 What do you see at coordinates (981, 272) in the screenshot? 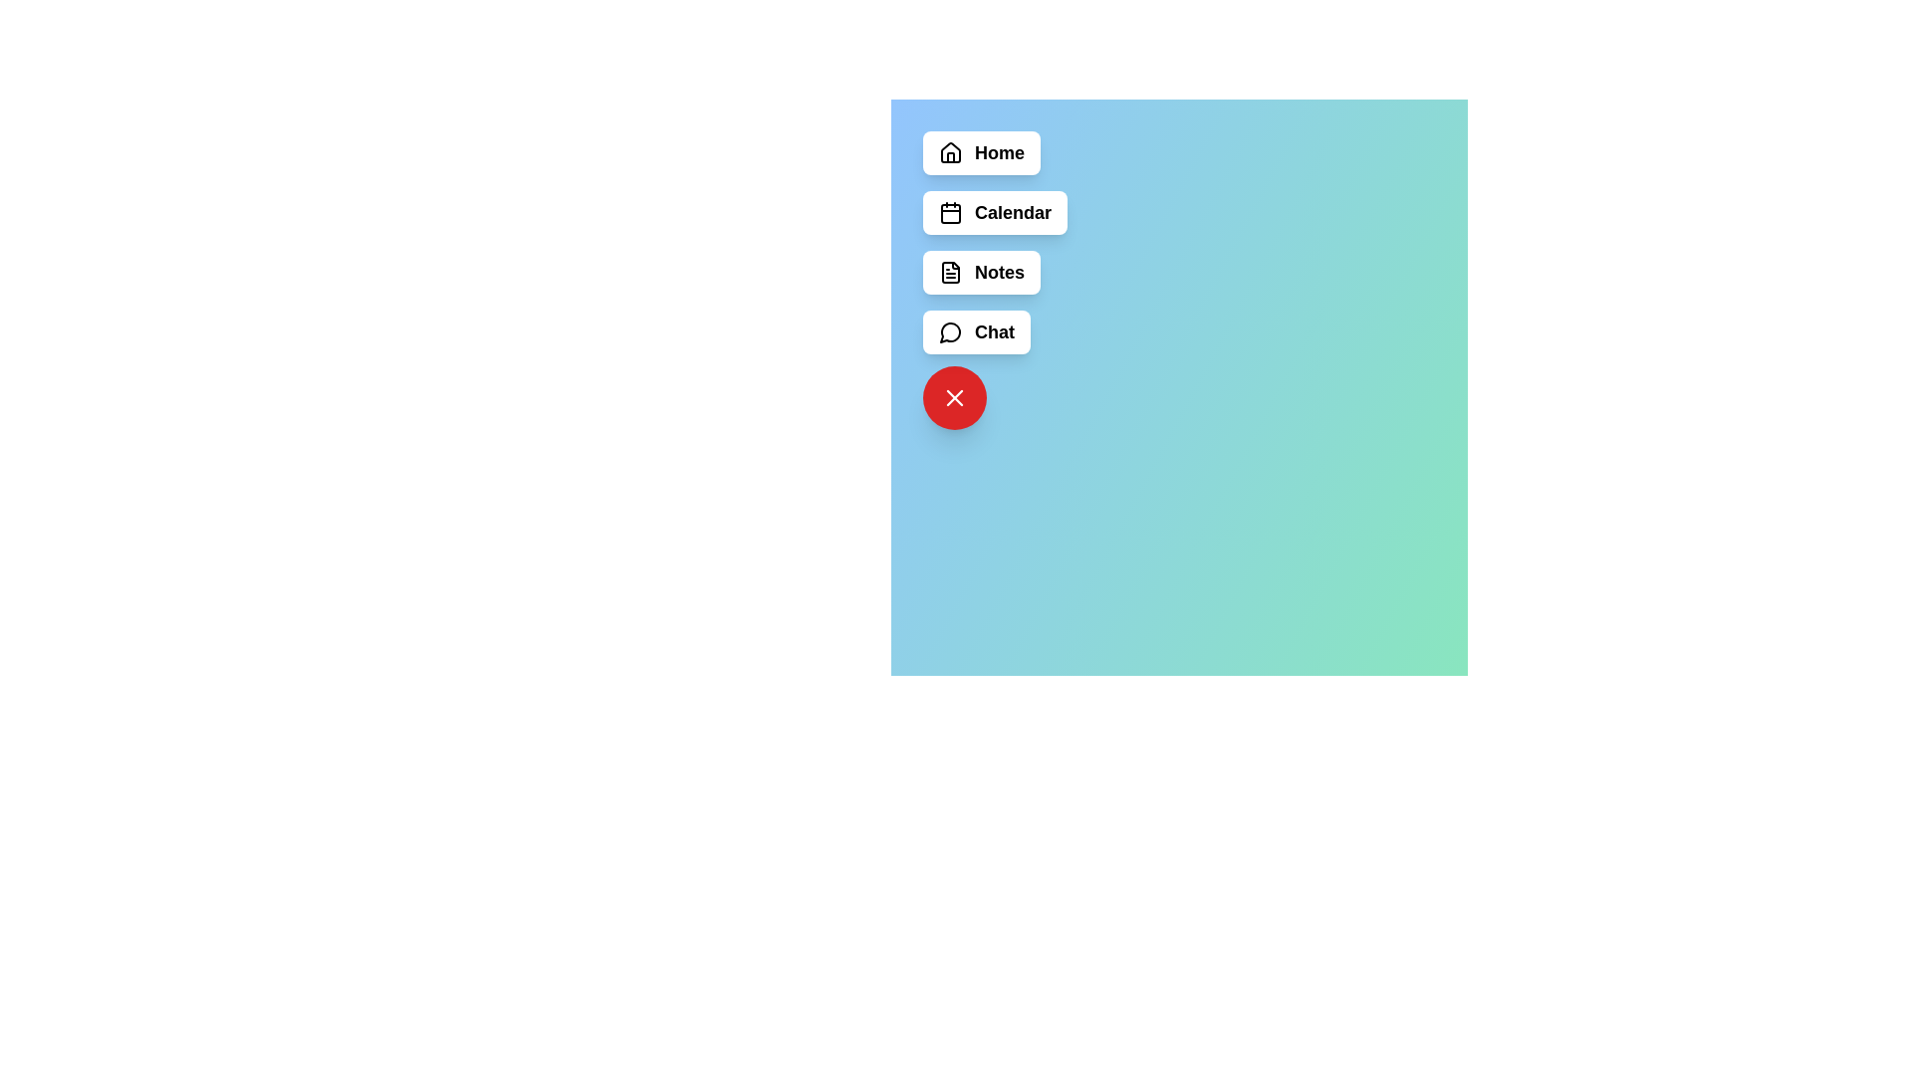
I see `the menu item labeled Notes` at bounding box center [981, 272].